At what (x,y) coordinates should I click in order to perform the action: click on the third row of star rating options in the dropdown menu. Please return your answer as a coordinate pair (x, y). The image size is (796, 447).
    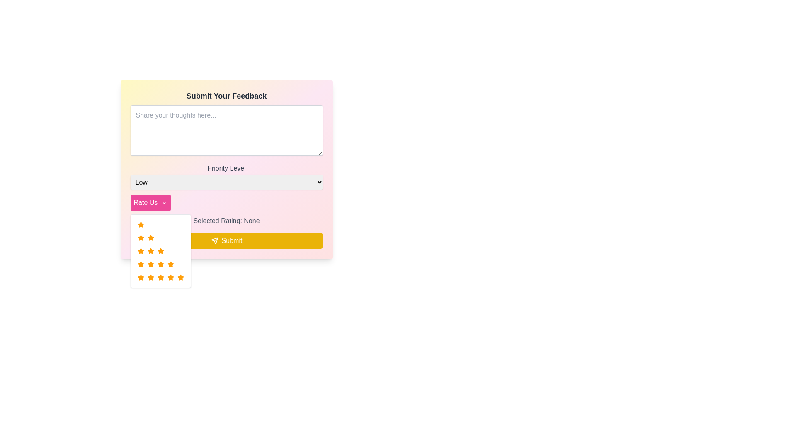
    Looking at the image, I should click on (160, 250).